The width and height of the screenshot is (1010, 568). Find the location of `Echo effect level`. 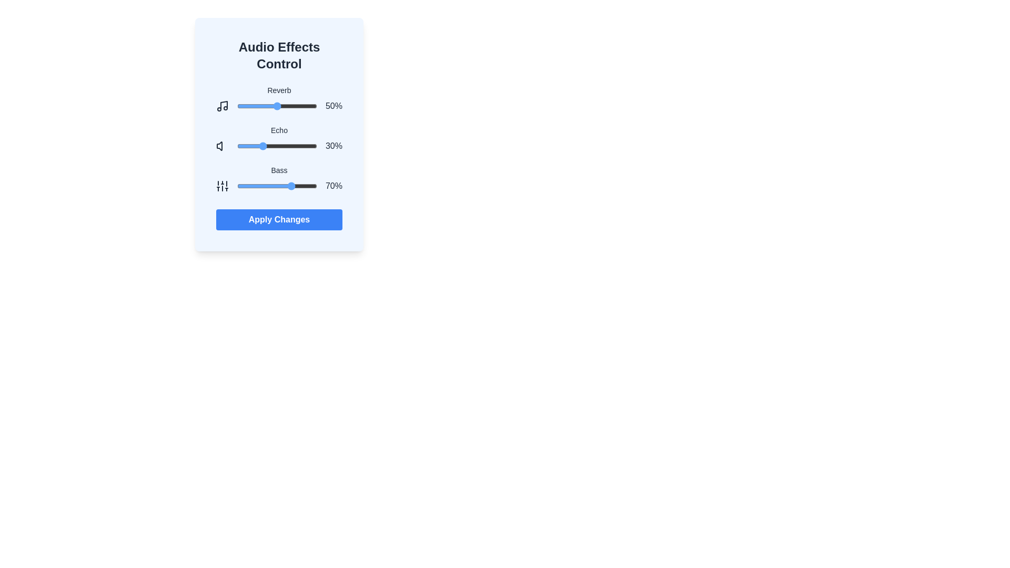

Echo effect level is located at coordinates (253, 146).